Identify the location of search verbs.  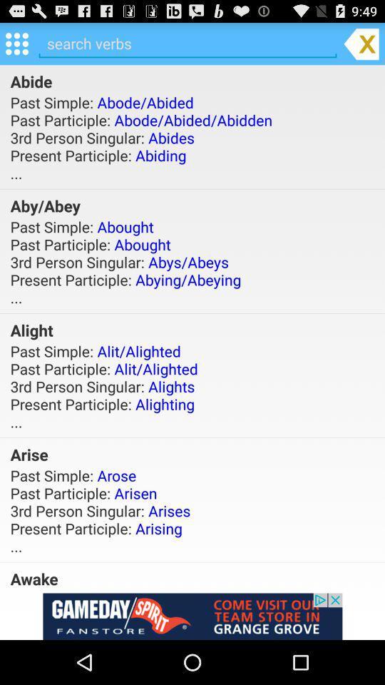
(188, 42).